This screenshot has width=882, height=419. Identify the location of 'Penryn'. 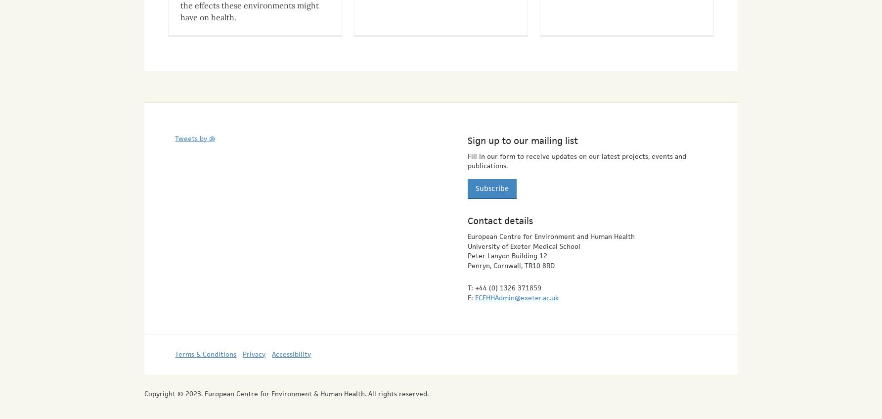
(478, 256).